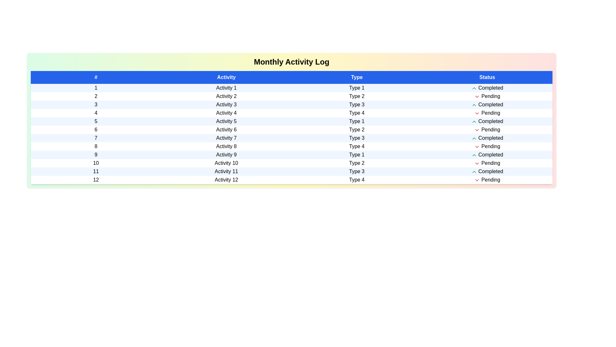 Image resolution: width=616 pixels, height=347 pixels. I want to click on the row corresponding to the activity with status Completed, so click(474, 88).